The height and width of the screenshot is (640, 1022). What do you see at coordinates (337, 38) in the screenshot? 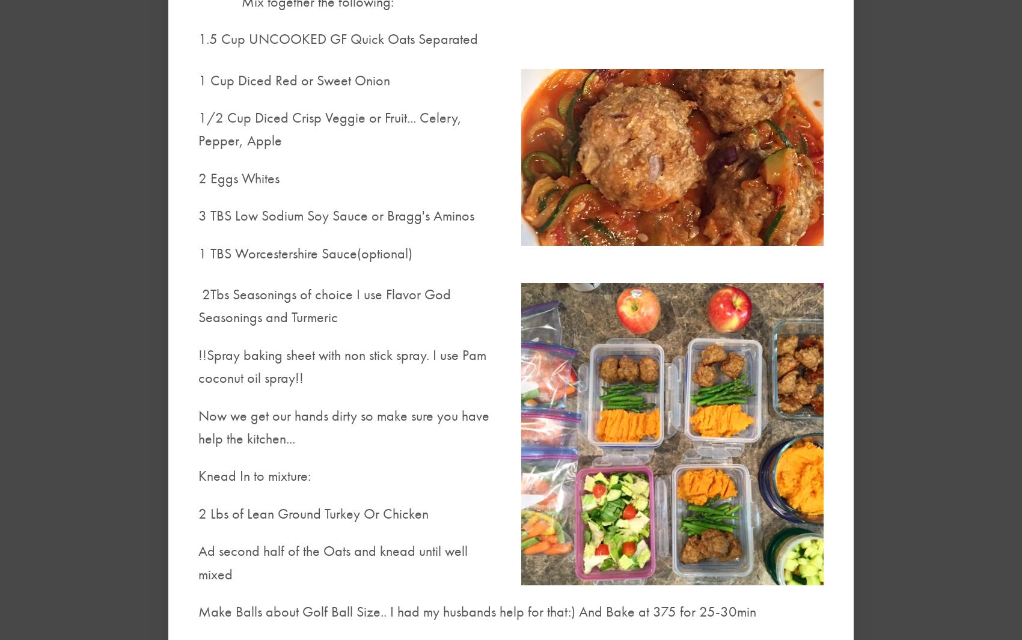
I see `'1.5 Cup UNCOOKED GF Quick Oats Separated'` at bounding box center [337, 38].